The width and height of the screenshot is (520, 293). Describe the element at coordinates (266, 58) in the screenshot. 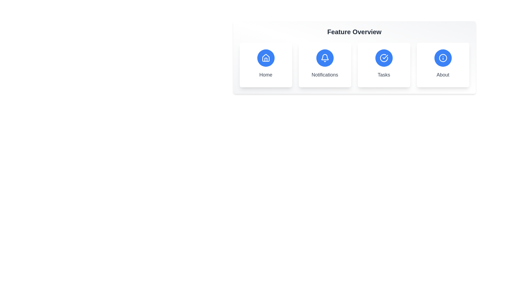

I see `the 'Home' icon button, which is a minimalistic outline house icon on a blue circular background, located in the first position of a horizontal menu layout` at that location.